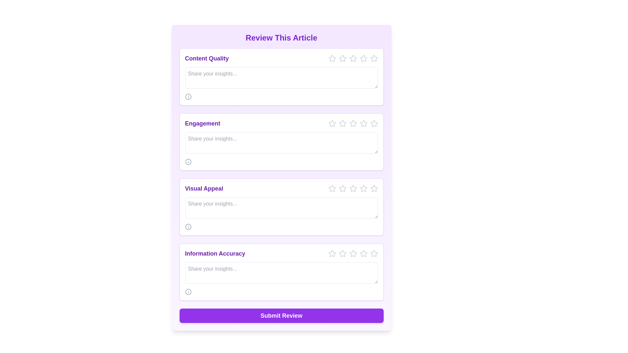 The height and width of the screenshot is (353, 628). What do you see at coordinates (374, 253) in the screenshot?
I see `the fifth silver-gray star icon in the 'Information Accuracy' section of the review form to rate it` at bounding box center [374, 253].